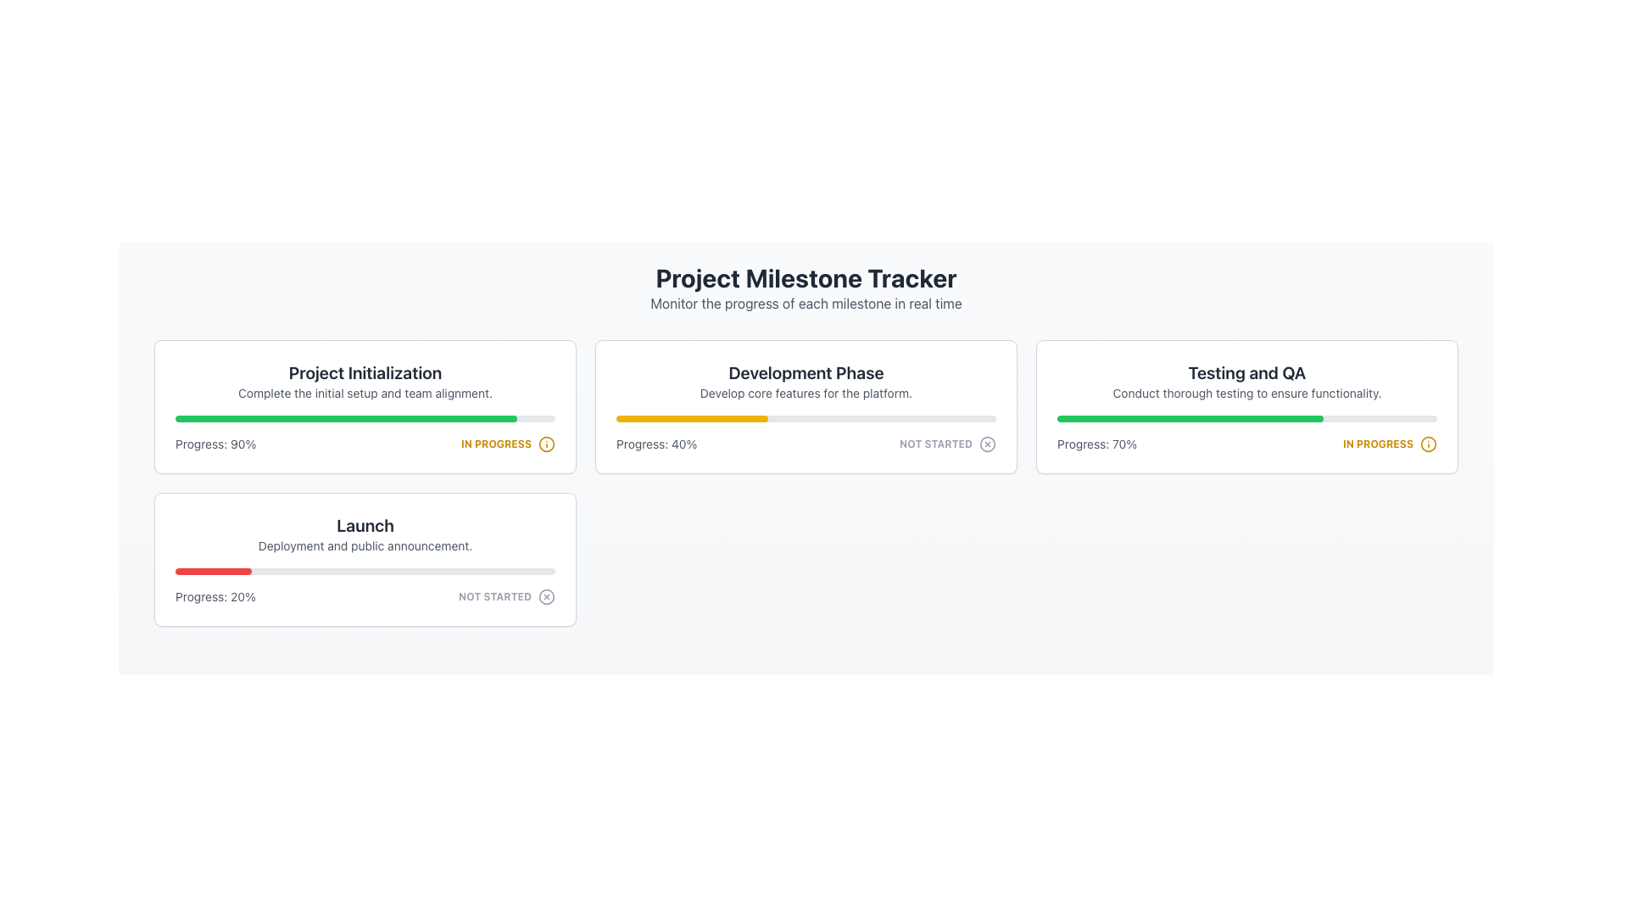 This screenshot has width=1628, height=916. Describe the element at coordinates (805, 406) in the screenshot. I see `the nearby actionable icons adjacent to the 'Development Phase' Information Card, which has a white background and rounded corners, located centrally in the second column of the grid` at that location.